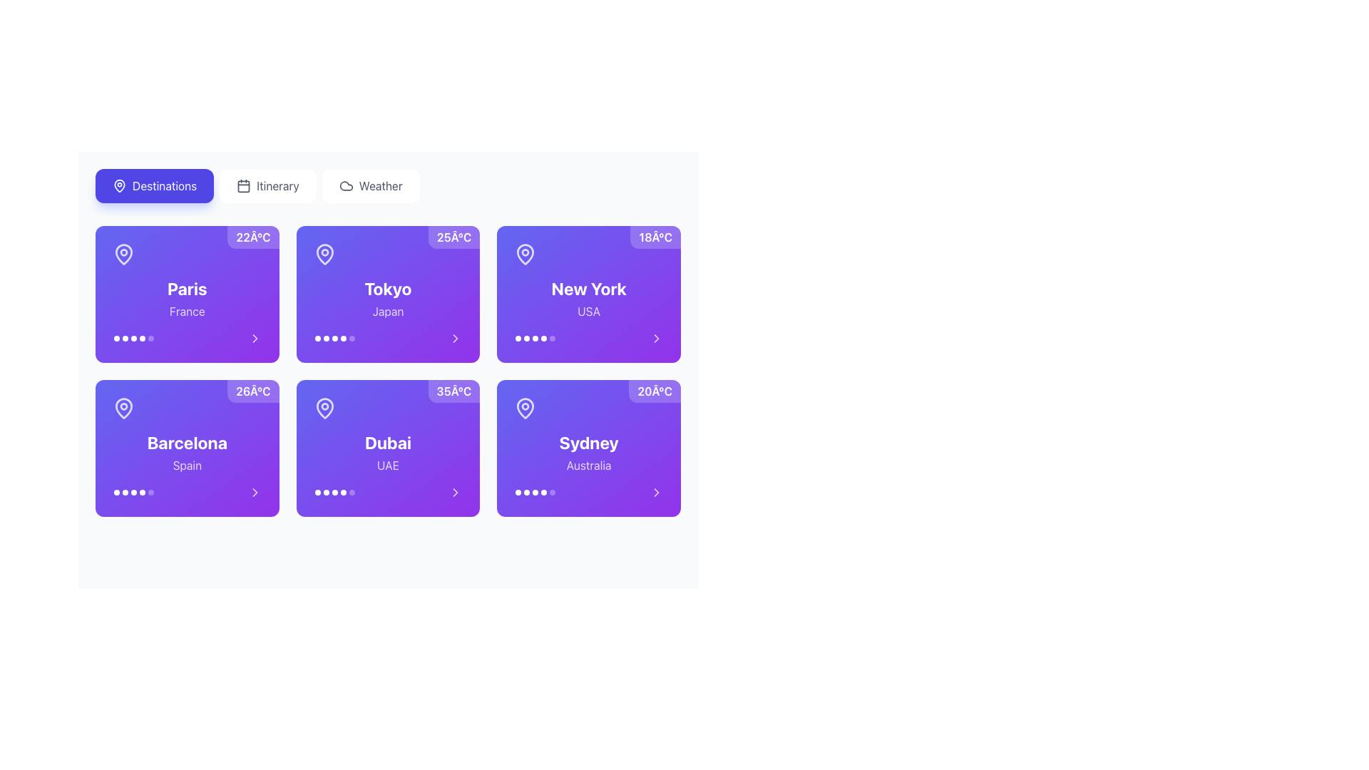 The image size is (1369, 770). What do you see at coordinates (324, 409) in the screenshot?
I see `the visual state of the icon located at the top-left corner of the card labeled 'Dubai, UAE', positioned above the text` at bounding box center [324, 409].